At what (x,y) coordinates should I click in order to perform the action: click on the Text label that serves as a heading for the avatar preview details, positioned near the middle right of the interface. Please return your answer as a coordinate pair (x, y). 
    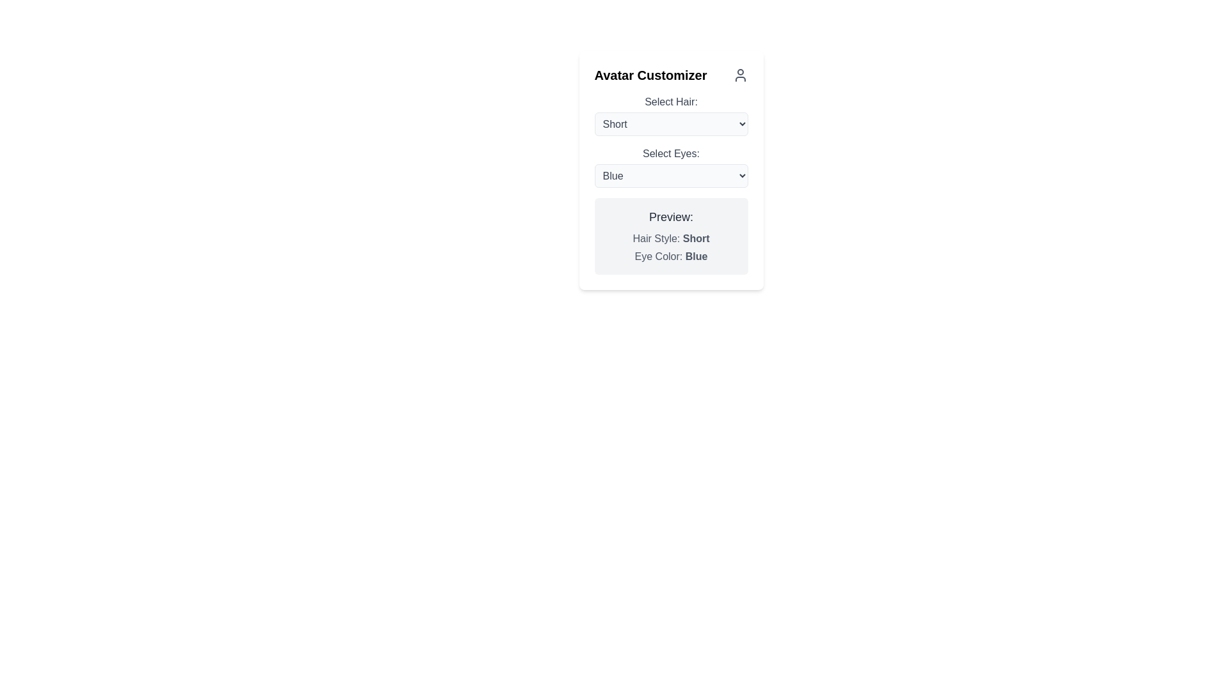
    Looking at the image, I should click on (670, 216).